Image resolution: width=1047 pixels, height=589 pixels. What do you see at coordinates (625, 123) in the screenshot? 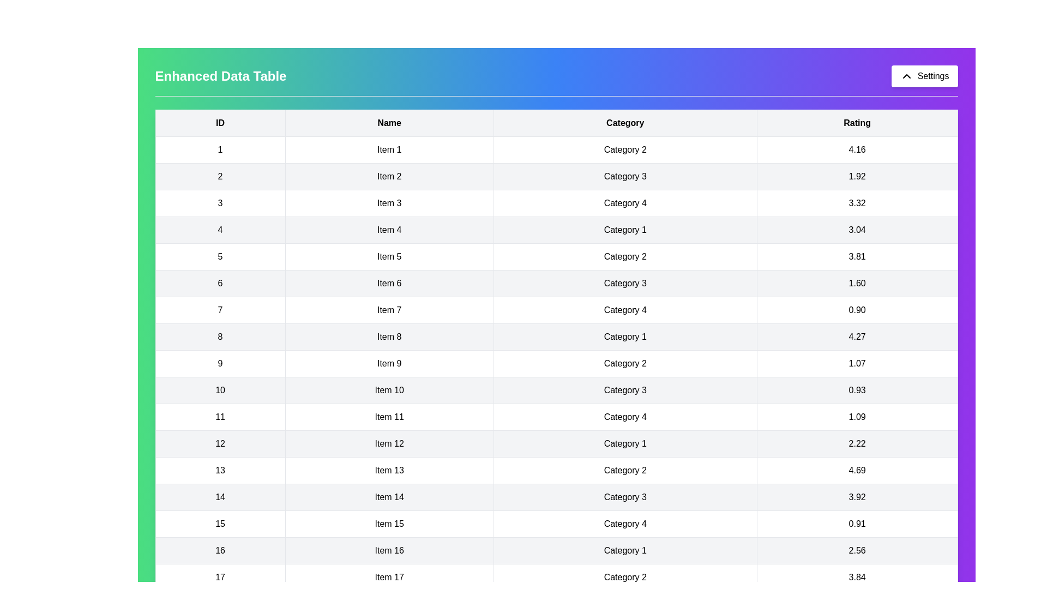
I see `the table header Category to examine it` at bounding box center [625, 123].